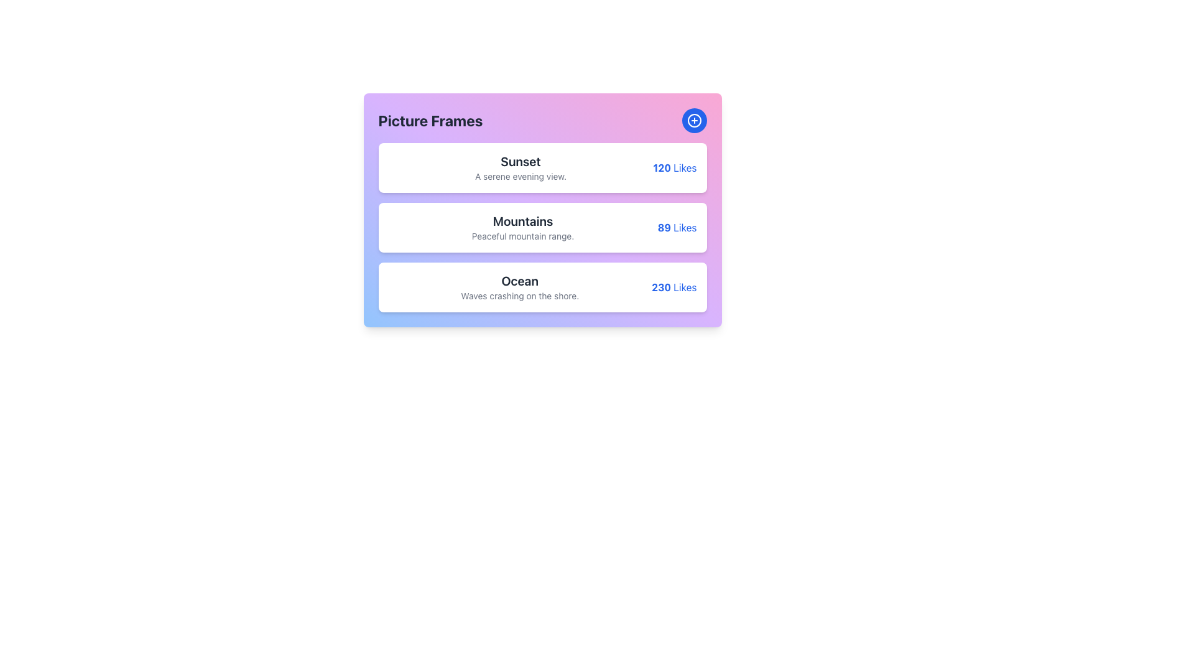  I want to click on content displayed in the Informational Text Block about the peaceful mountain range, which is the second item in a vertically arranged list within a card-like component, located below the 'Sunset' entry and above the 'Ocean' entry, so click(523, 228).